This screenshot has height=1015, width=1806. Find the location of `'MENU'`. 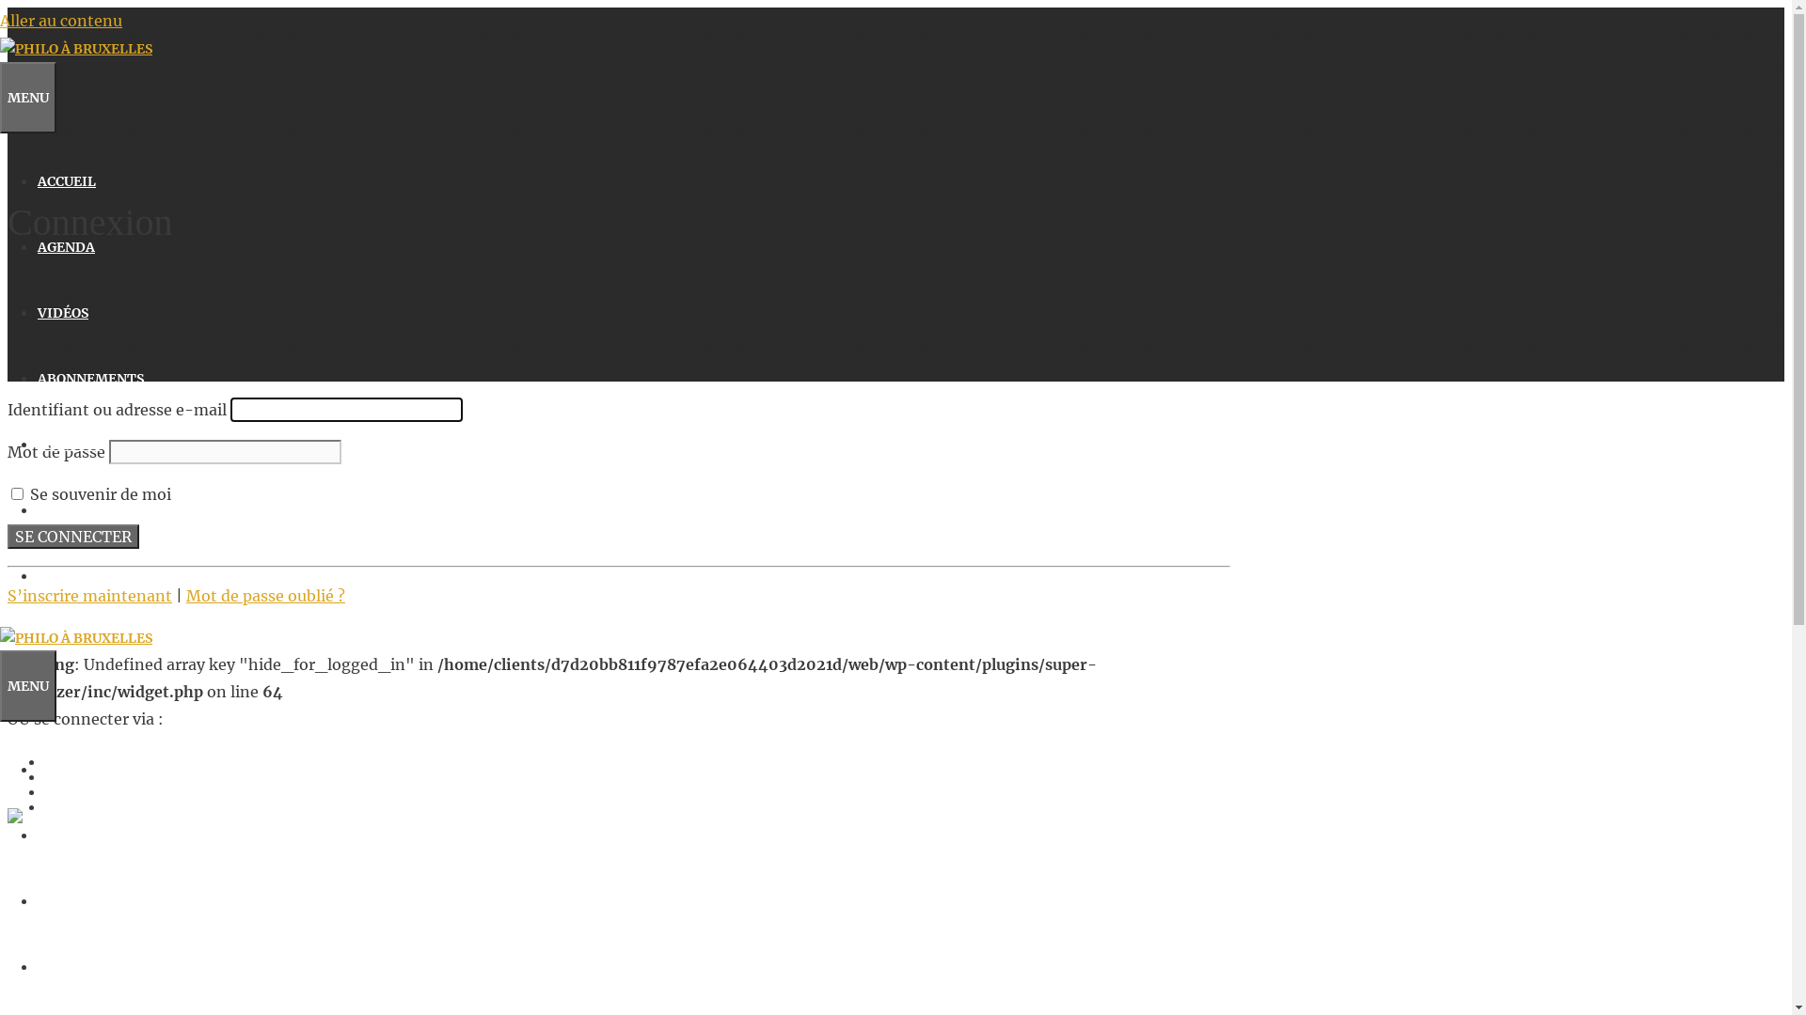

'MENU' is located at coordinates (27, 685).